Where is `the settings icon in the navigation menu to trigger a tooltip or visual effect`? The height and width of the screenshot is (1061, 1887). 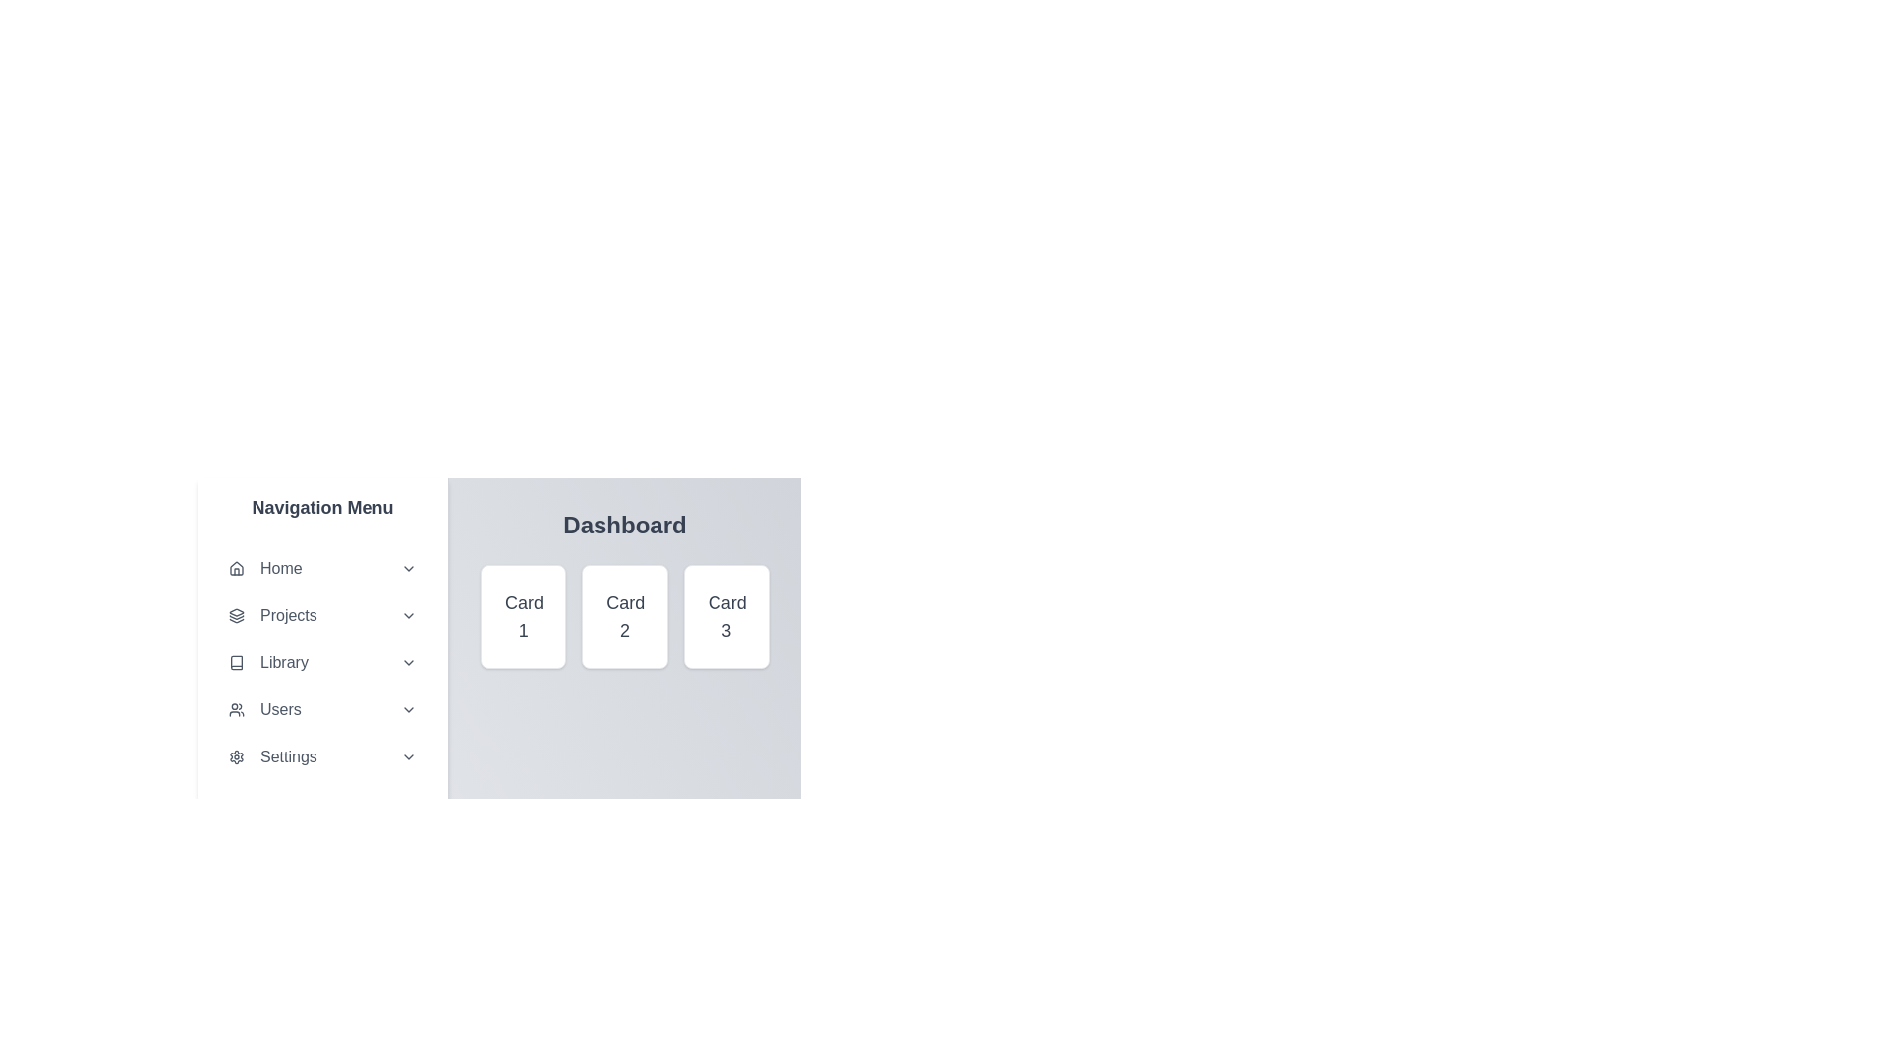 the settings icon in the navigation menu to trigger a tooltip or visual effect is located at coordinates (236, 756).